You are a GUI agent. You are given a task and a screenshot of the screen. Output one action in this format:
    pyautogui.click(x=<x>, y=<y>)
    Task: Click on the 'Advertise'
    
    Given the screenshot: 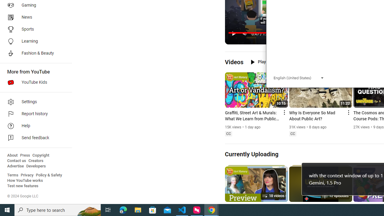 What is the action you would take?
    pyautogui.click(x=15, y=166)
    